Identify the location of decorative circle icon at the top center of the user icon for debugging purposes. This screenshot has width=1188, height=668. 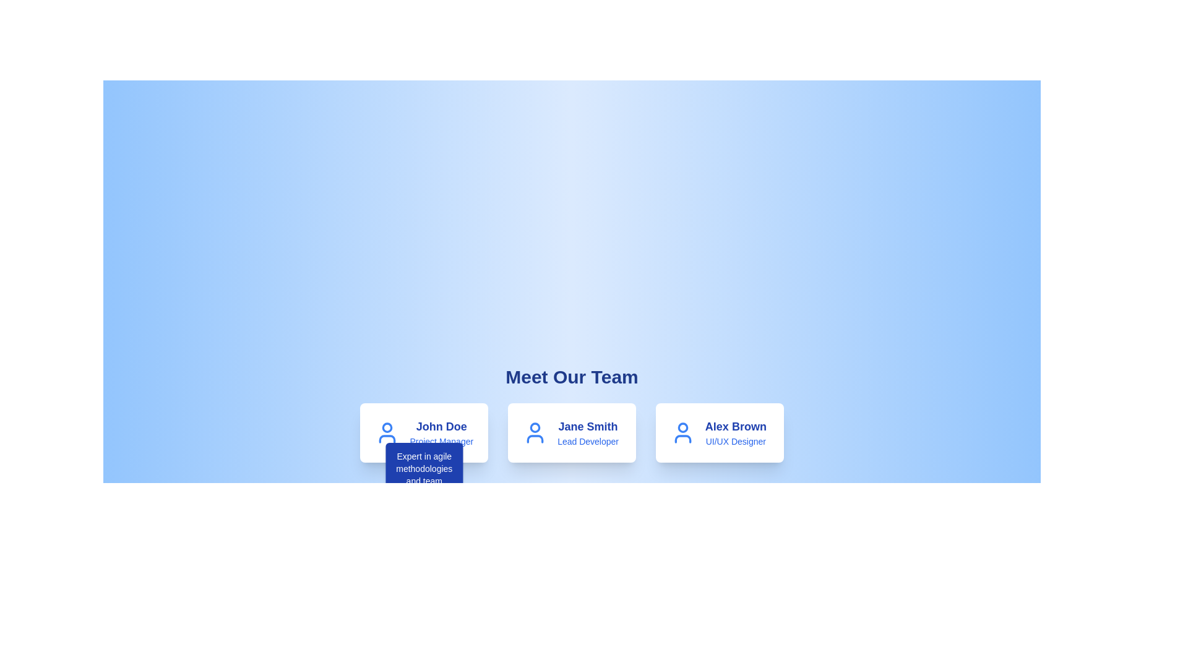
(535, 427).